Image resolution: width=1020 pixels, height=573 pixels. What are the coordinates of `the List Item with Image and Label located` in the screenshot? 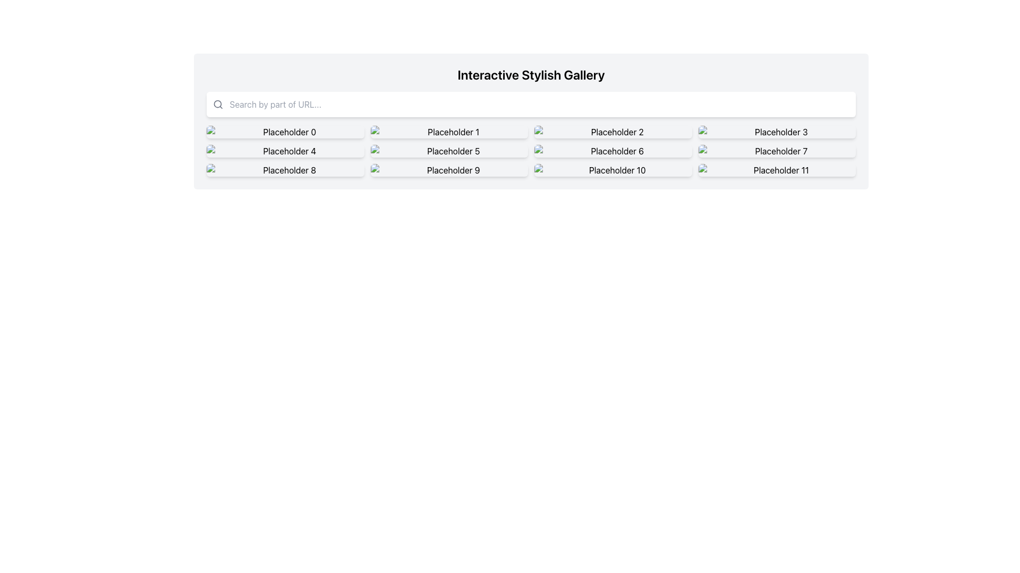 It's located at (613, 151).